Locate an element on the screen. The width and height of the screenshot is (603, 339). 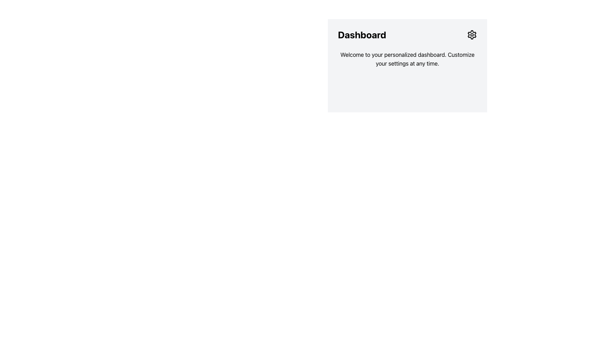
the Static Text Block that provides introductory messages, located below the 'Dashboard' heading and centered horizontally in the upper part of the interface is located at coordinates (407, 59).